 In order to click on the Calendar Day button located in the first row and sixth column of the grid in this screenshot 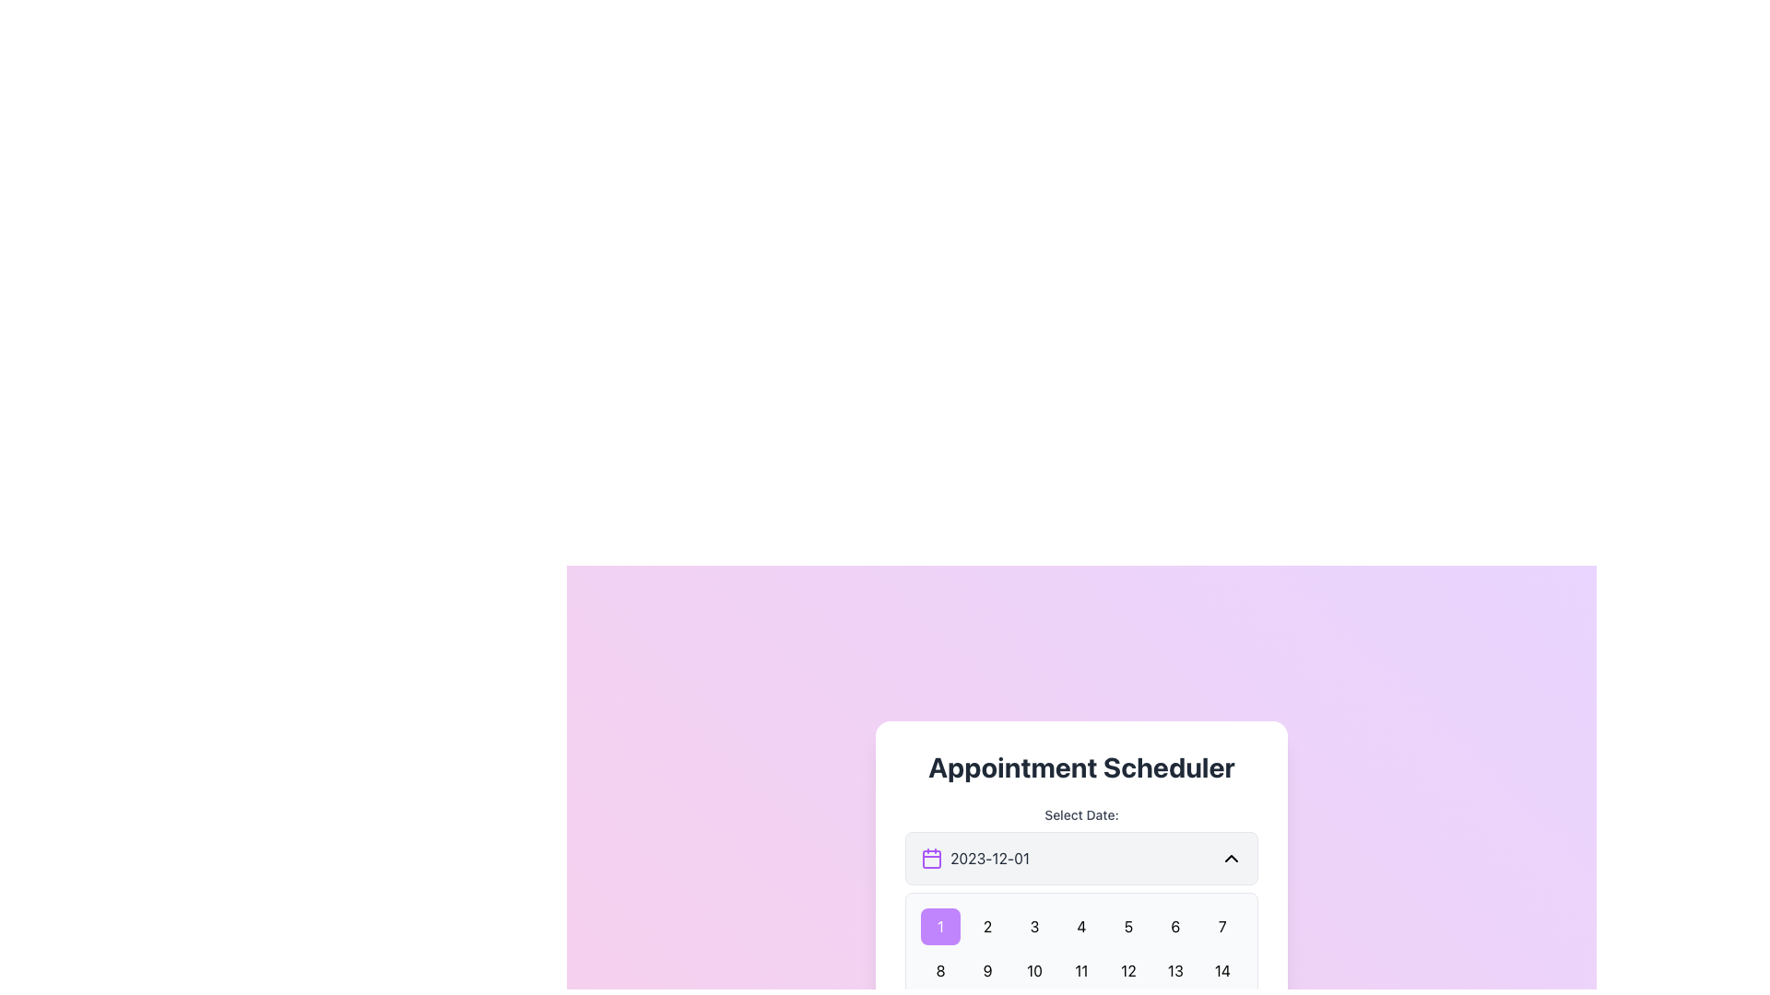, I will do `click(1174, 927)`.